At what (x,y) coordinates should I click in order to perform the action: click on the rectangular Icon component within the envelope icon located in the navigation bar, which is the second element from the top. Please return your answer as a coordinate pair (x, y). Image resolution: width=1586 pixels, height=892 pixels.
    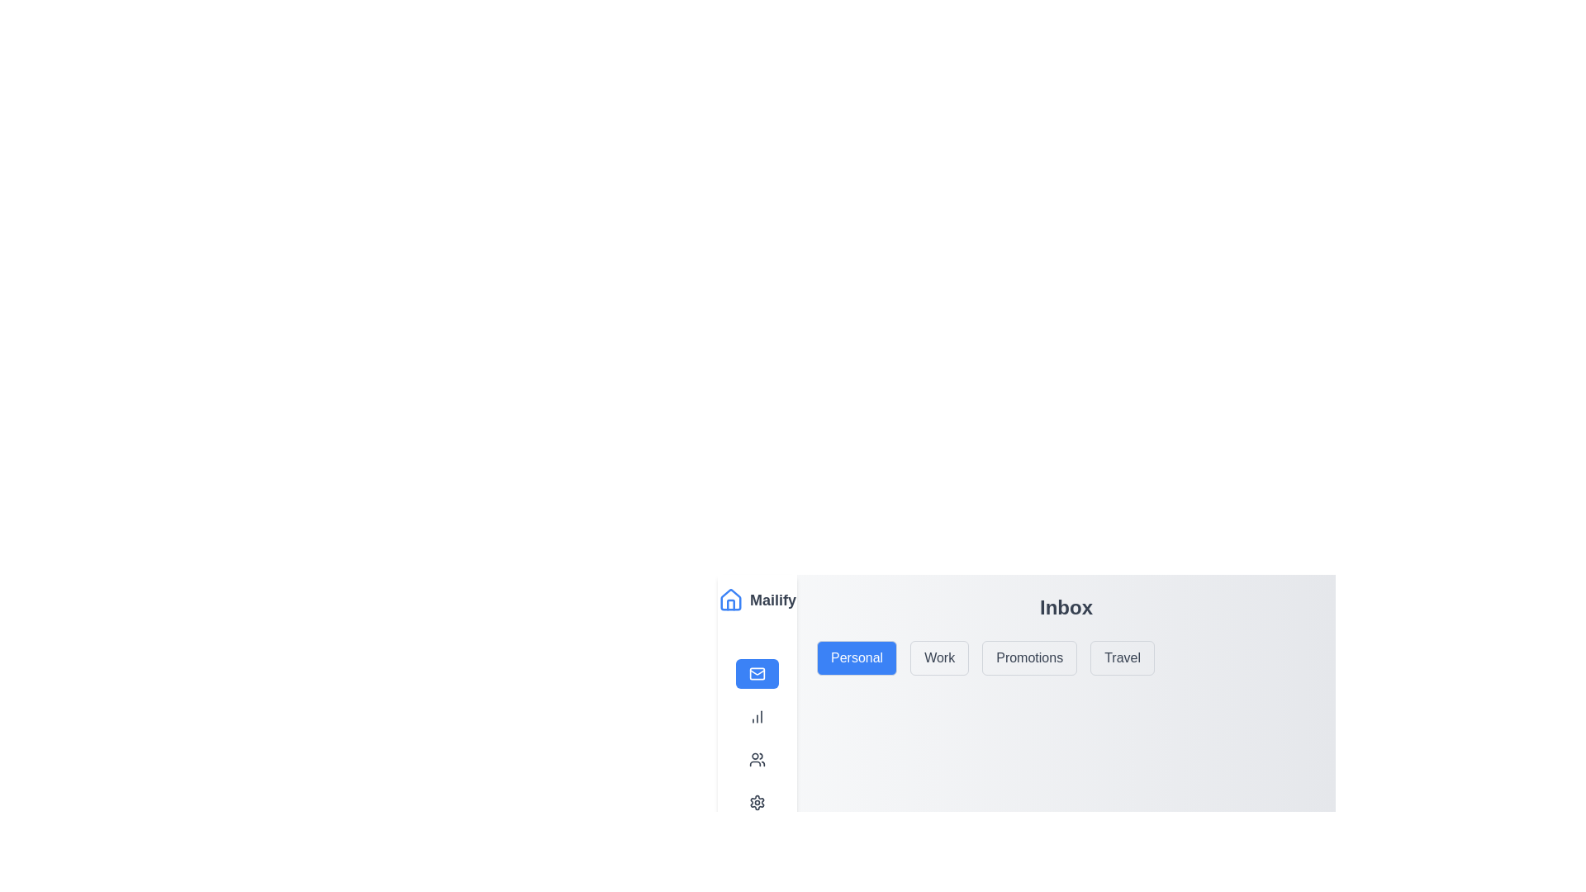
    Looking at the image, I should click on (756, 674).